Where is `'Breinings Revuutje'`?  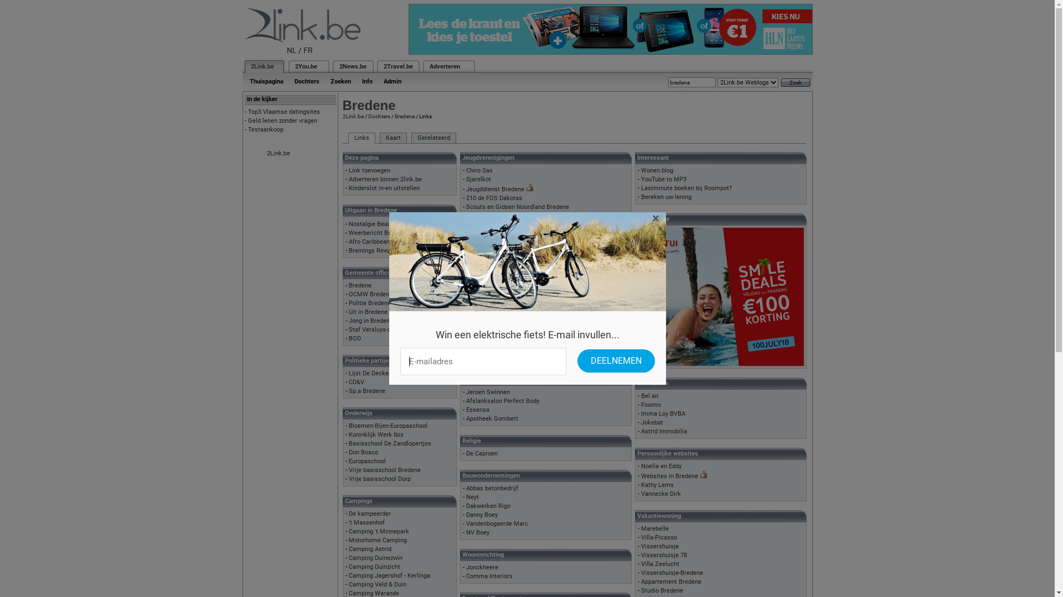 'Breinings Revuutje' is located at coordinates (374, 250).